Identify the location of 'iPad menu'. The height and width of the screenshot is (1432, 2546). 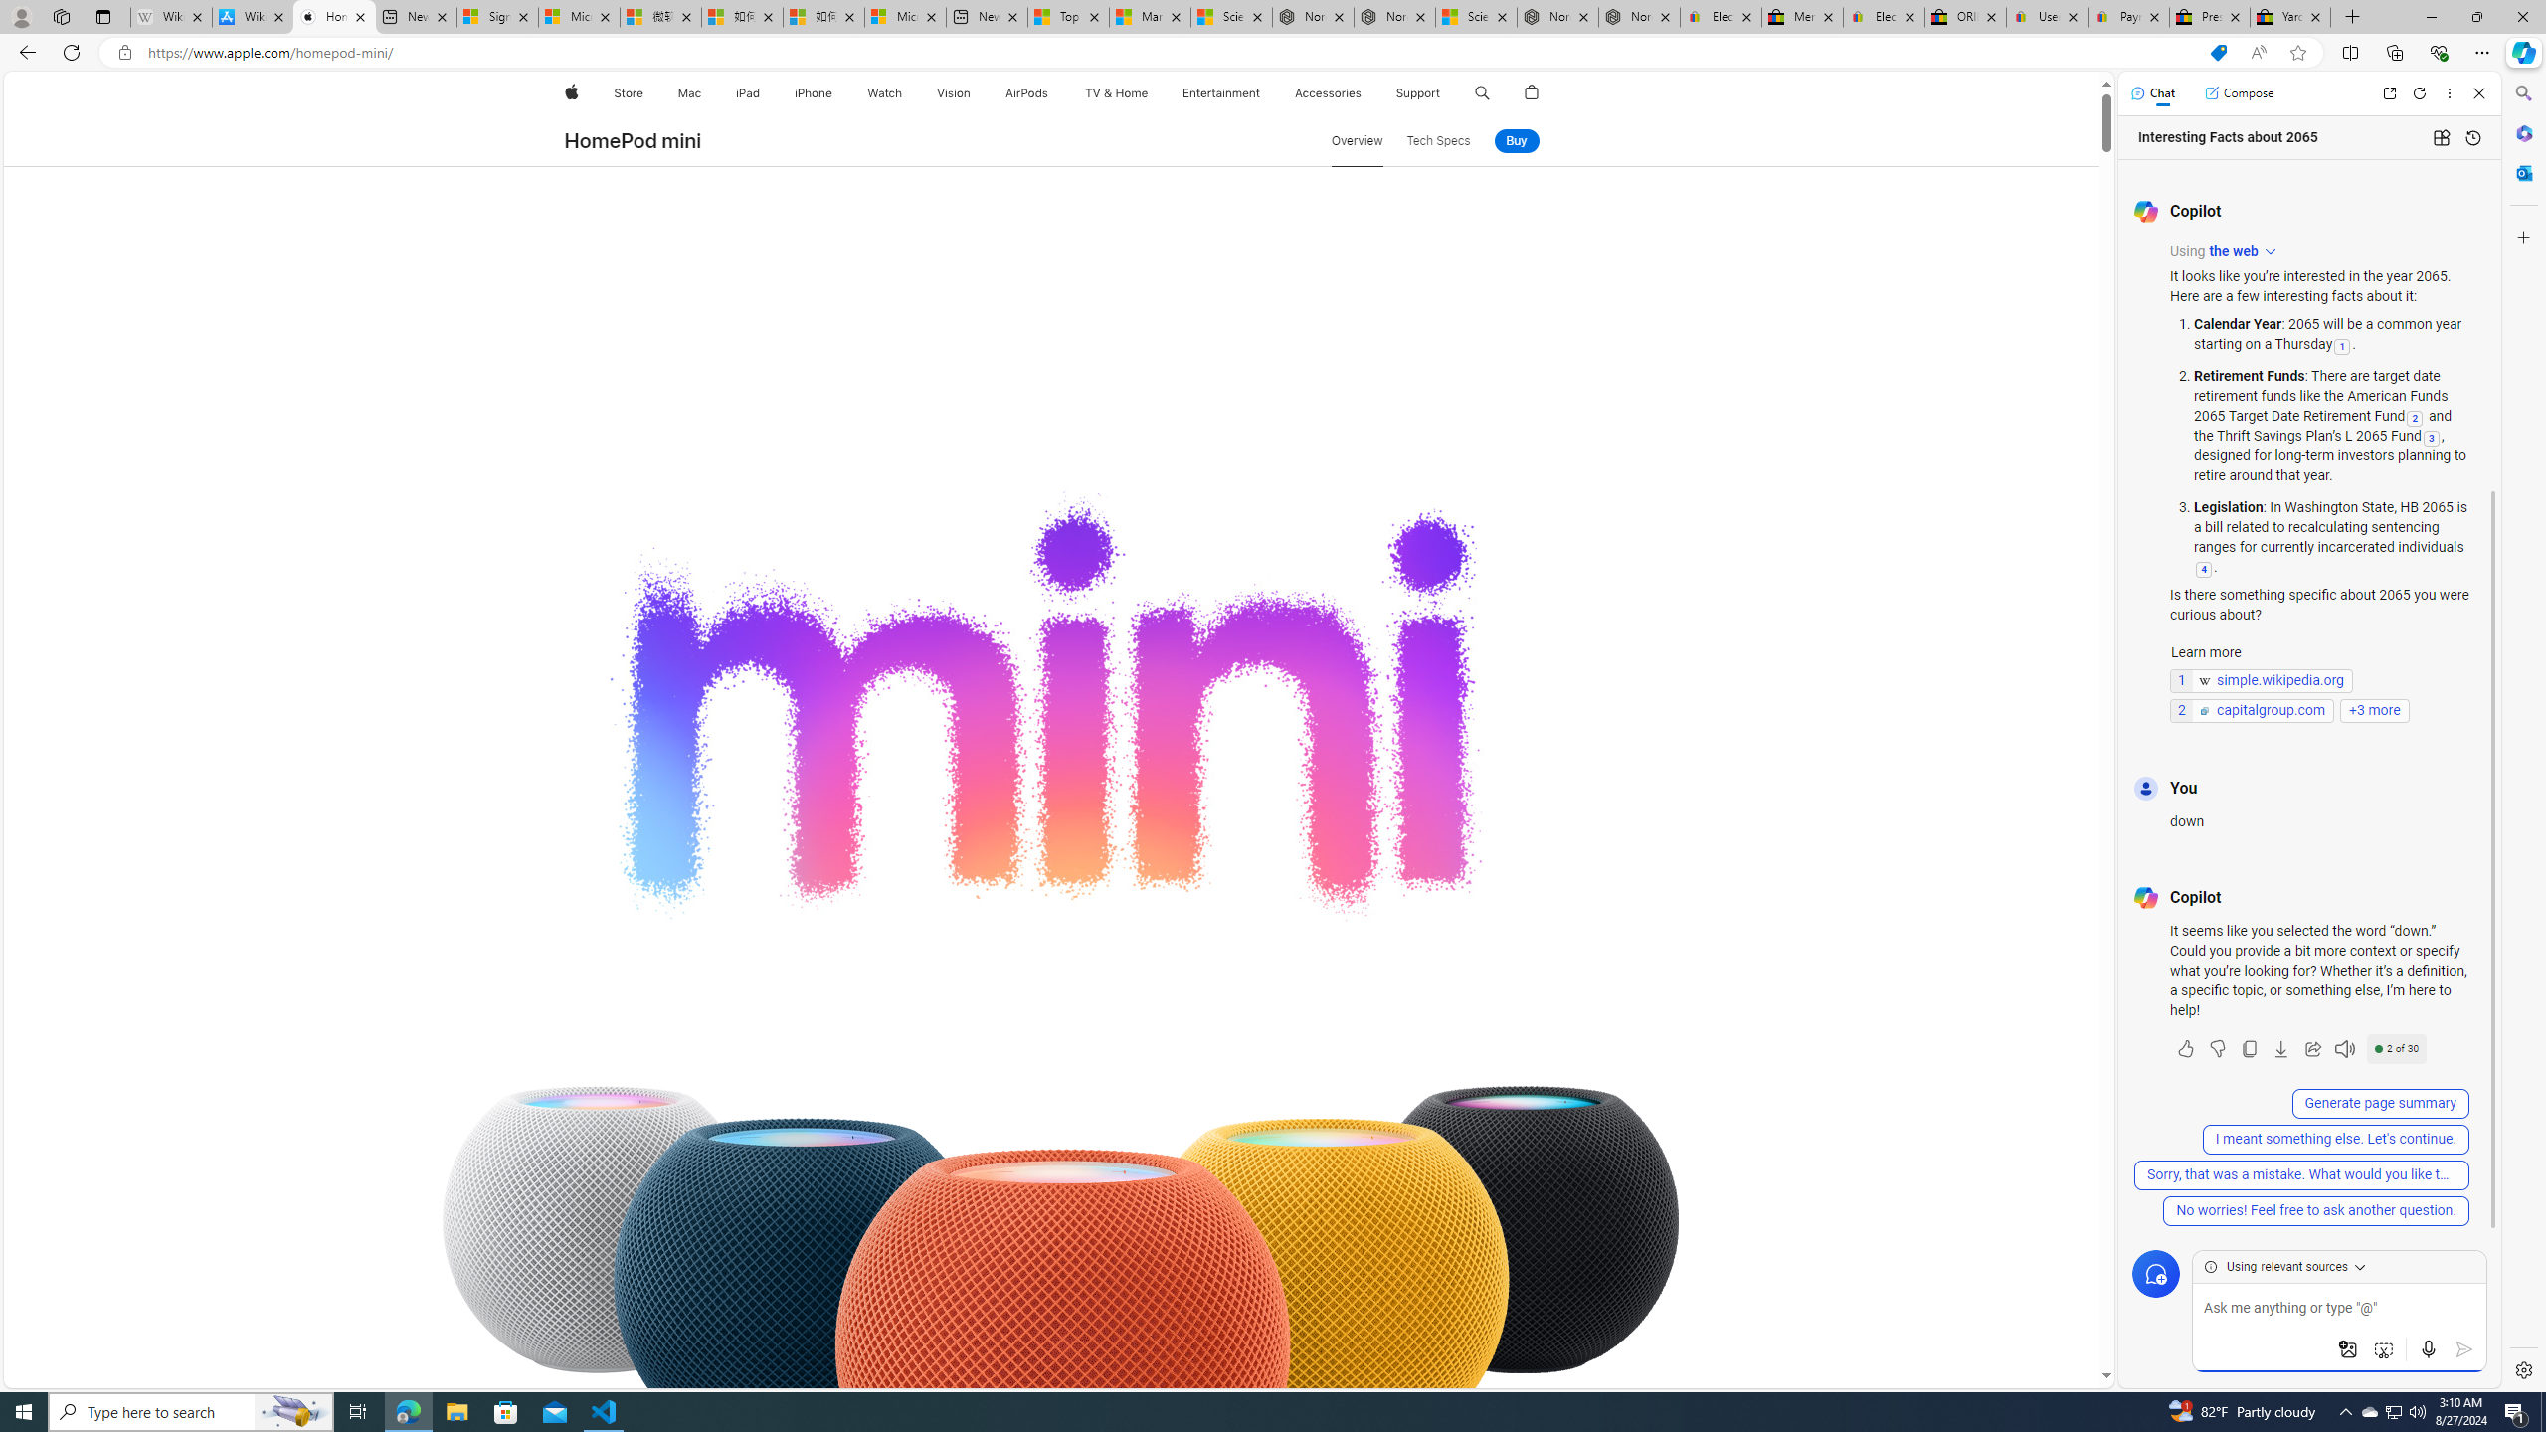
(762, 92).